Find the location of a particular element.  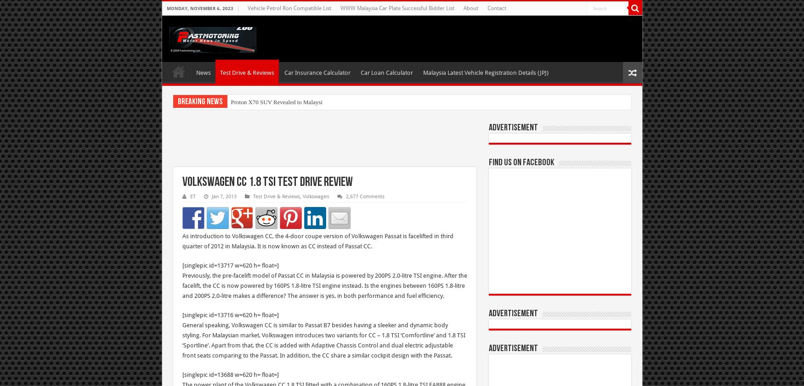

'2,677 Comments' is located at coordinates (364, 196).